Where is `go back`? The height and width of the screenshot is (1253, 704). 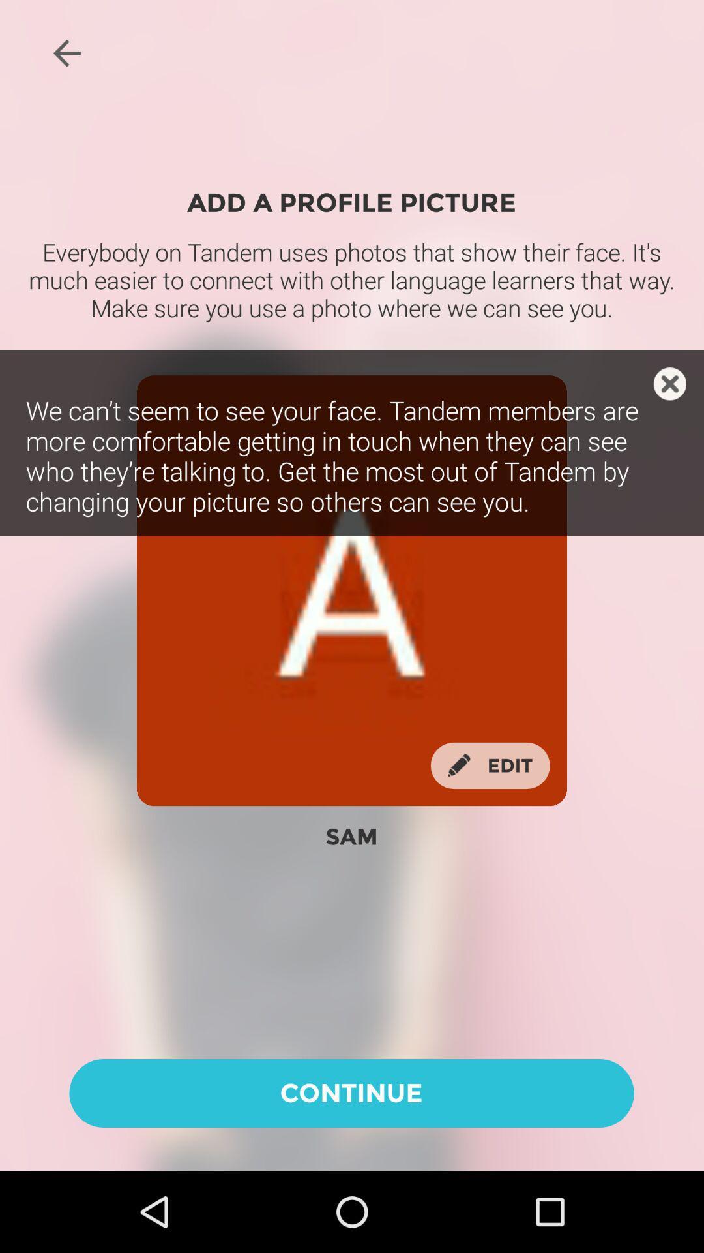 go back is located at coordinates (66, 52).